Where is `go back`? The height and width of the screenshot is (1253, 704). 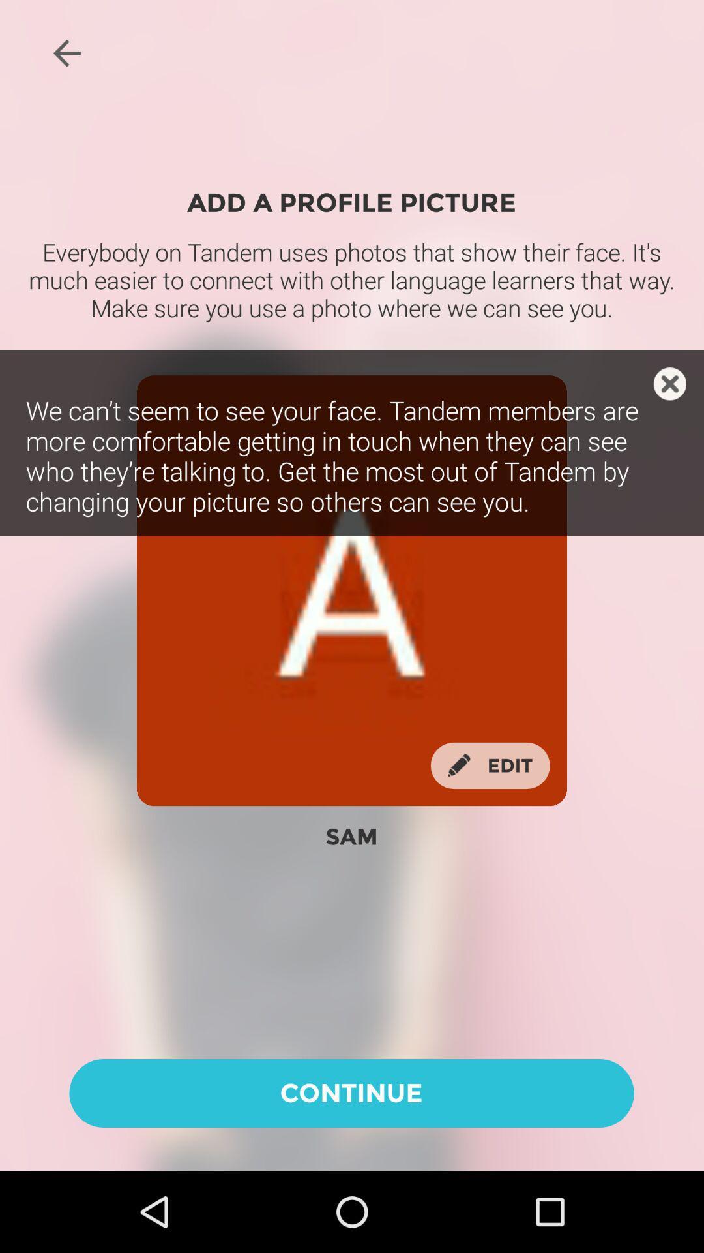 go back is located at coordinates (66, 52).